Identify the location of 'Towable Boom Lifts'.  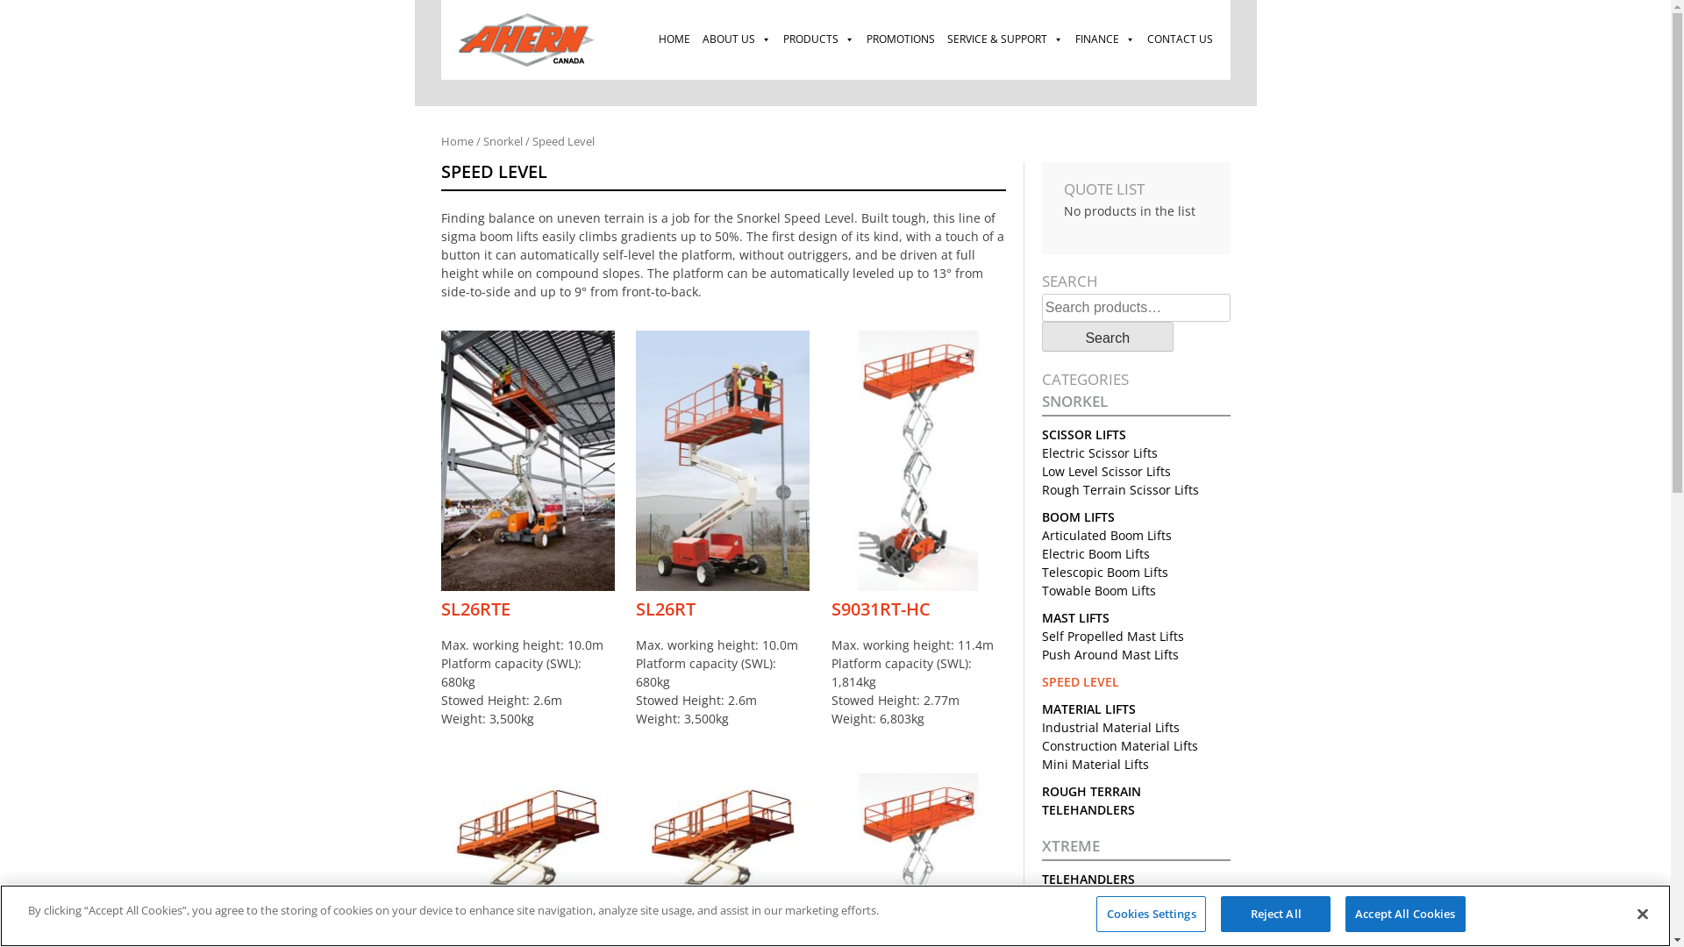
(1042, 590).